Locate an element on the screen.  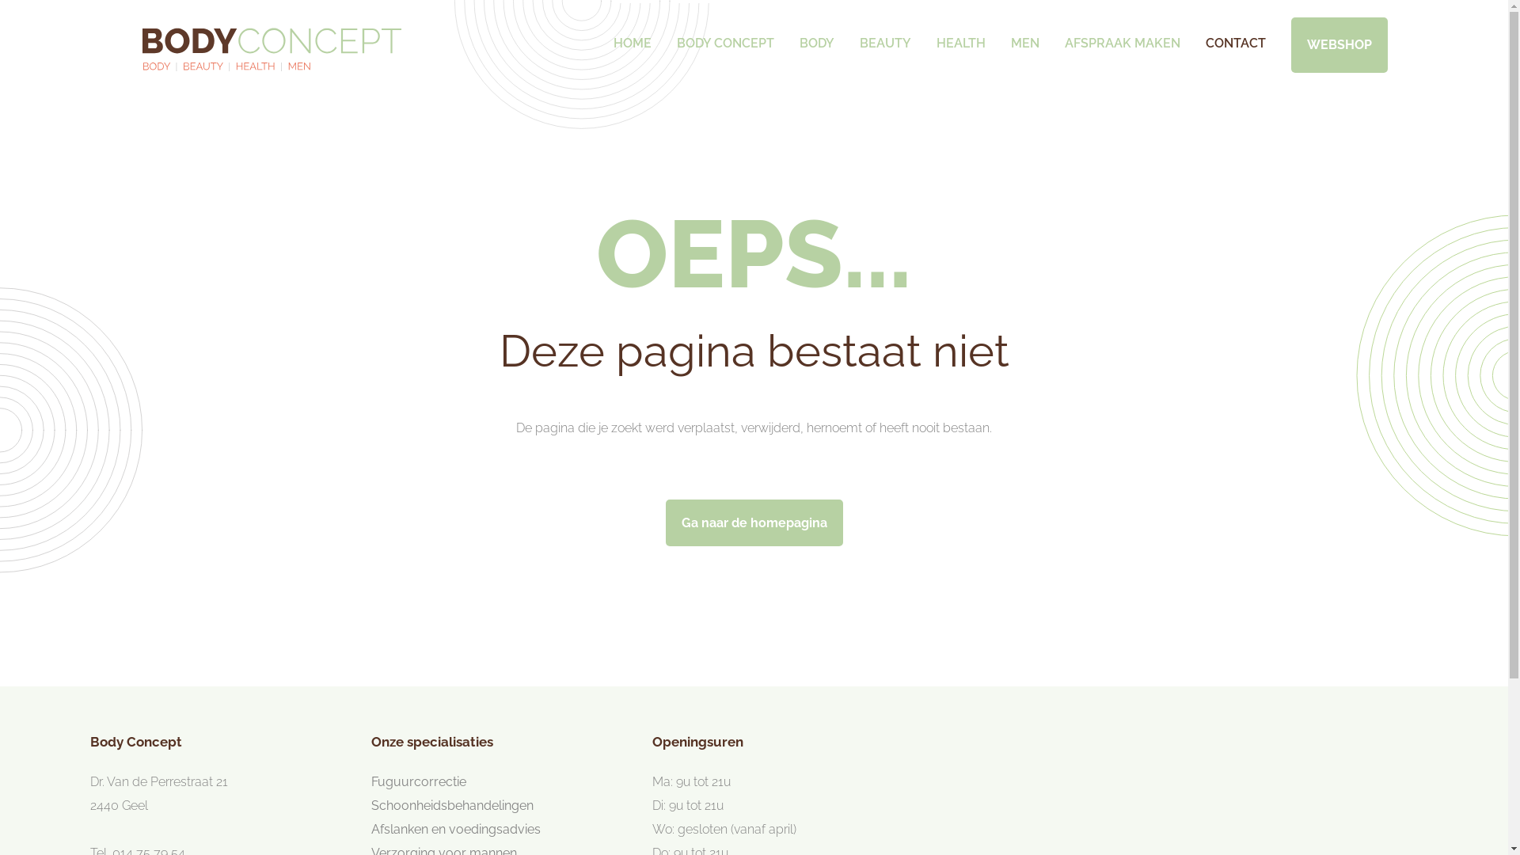
'Afslanken en voedingsadvies' is located at coordinates (370, 828).